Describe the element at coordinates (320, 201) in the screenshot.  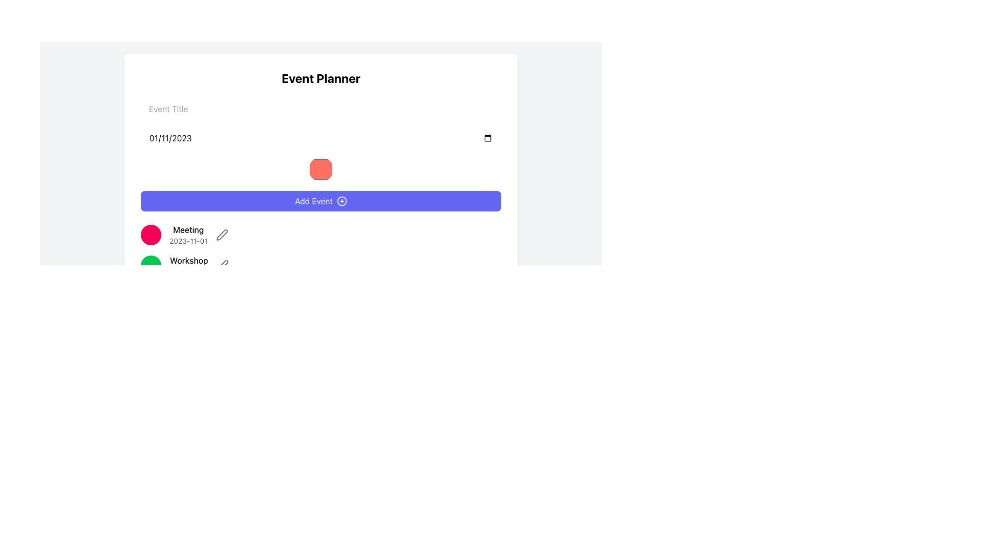
I see `the button located at the bottom of the 'Event Planner' section, centered horizontally, to initiate an action for adding a new event` at that location.